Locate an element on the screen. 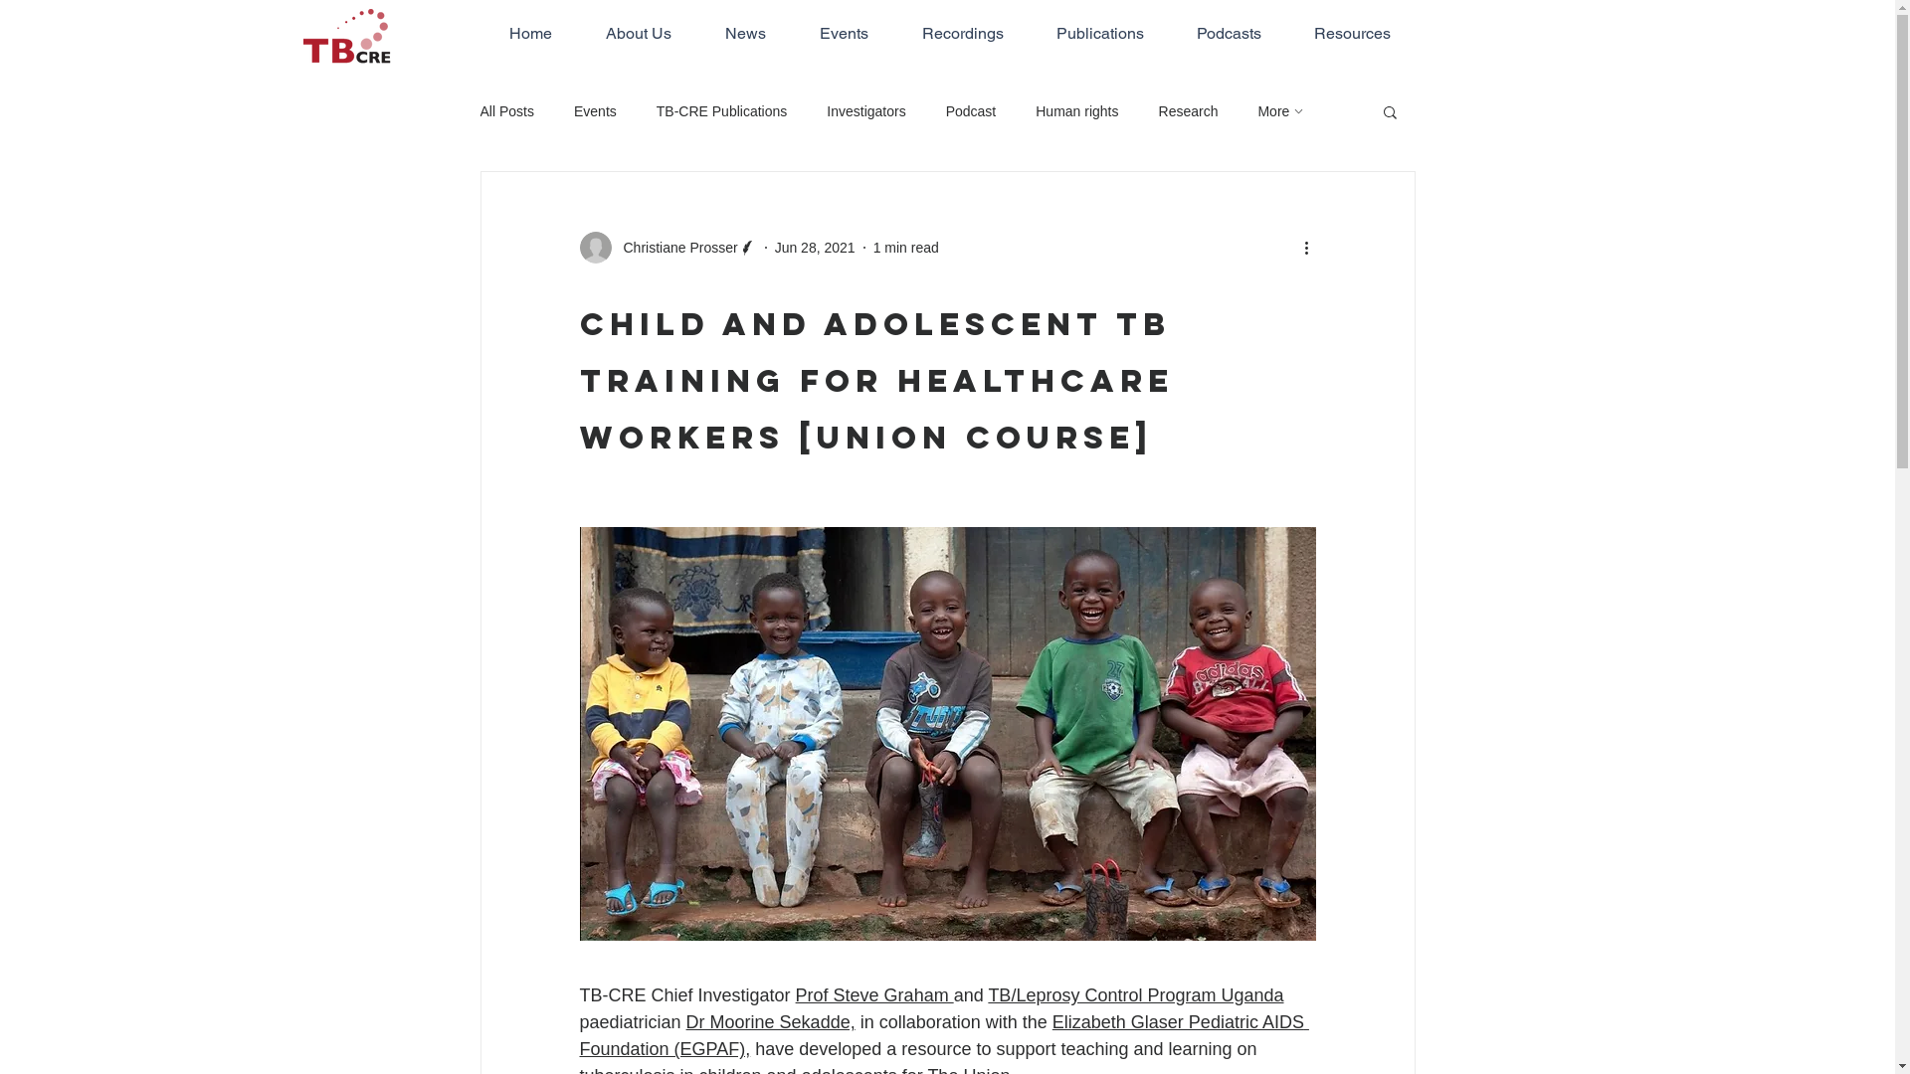 Image resolution: width=1910 pixels, height=1074 pixels. 'Research' is located at coordinates (1189, 110).